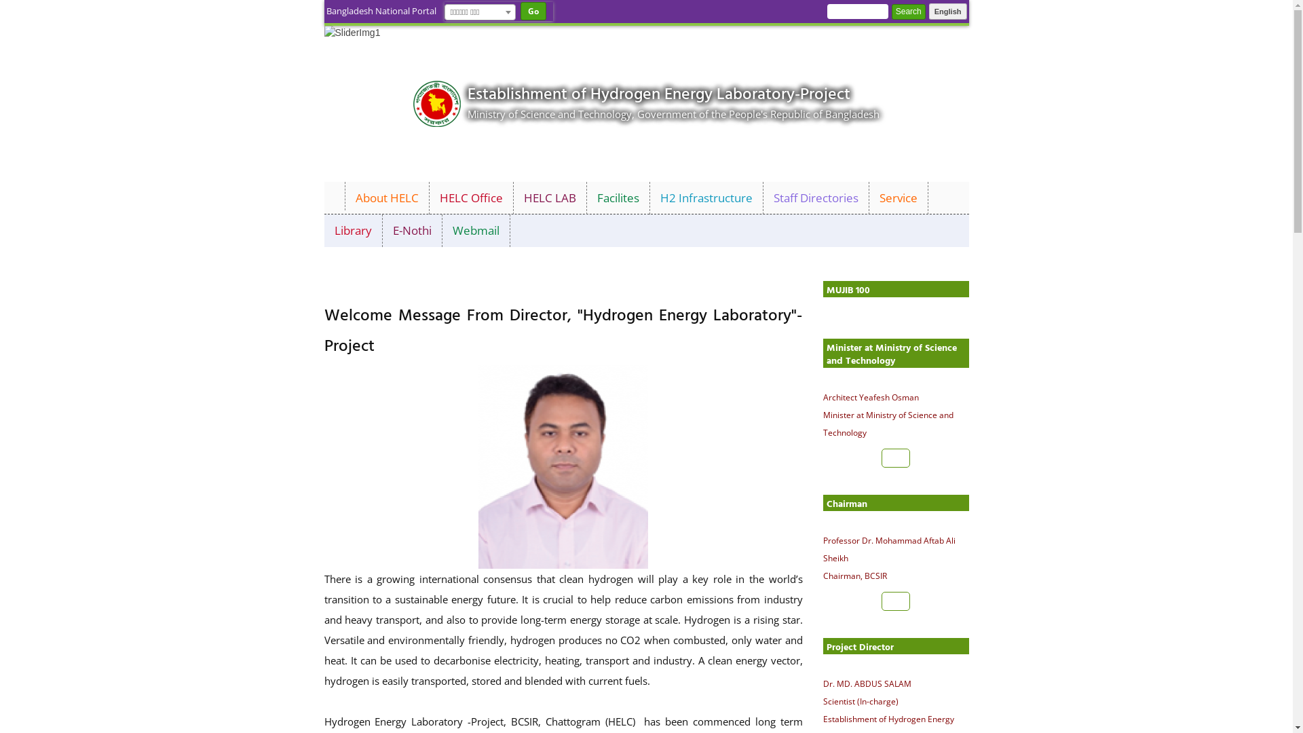  Describe the element at coordinates (898, 198) in the screenshot. I see `'Service'` at that location.